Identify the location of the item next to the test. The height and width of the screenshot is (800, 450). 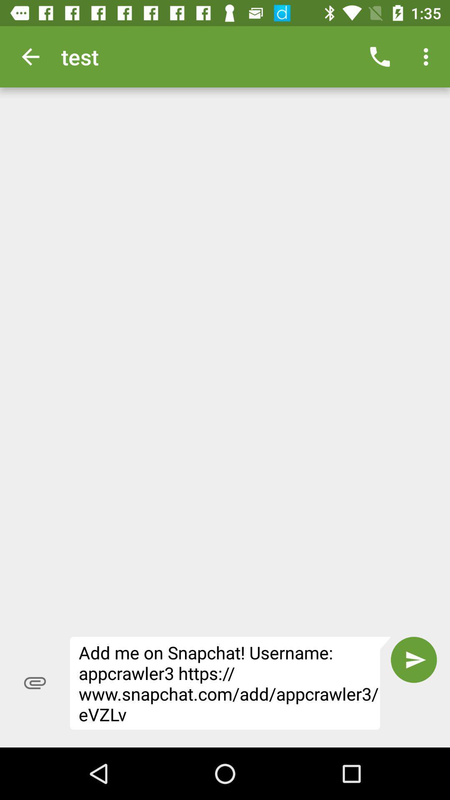
(30, 56).